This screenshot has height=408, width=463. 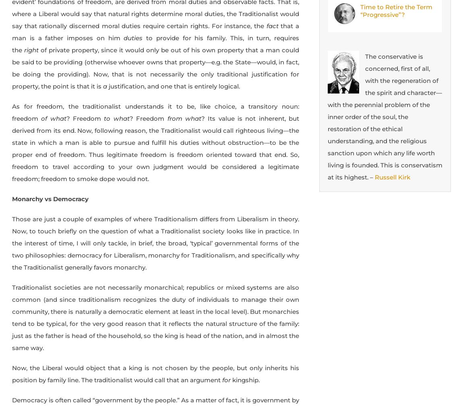 What do you see at coordinates (133, 37) in the screenshot?
I see `'duties'` at bounding box center [133, 37].